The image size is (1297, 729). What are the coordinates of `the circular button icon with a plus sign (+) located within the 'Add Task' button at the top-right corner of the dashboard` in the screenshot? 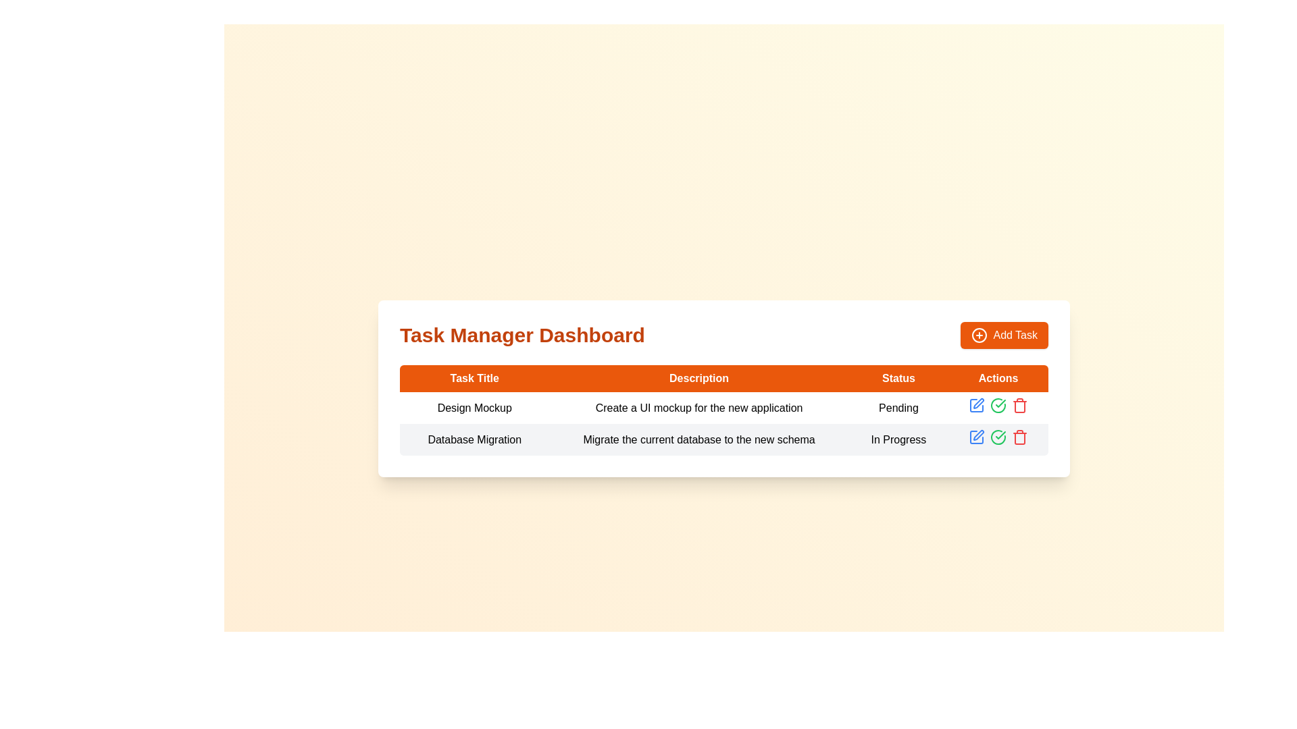 It's located at (980, 335).